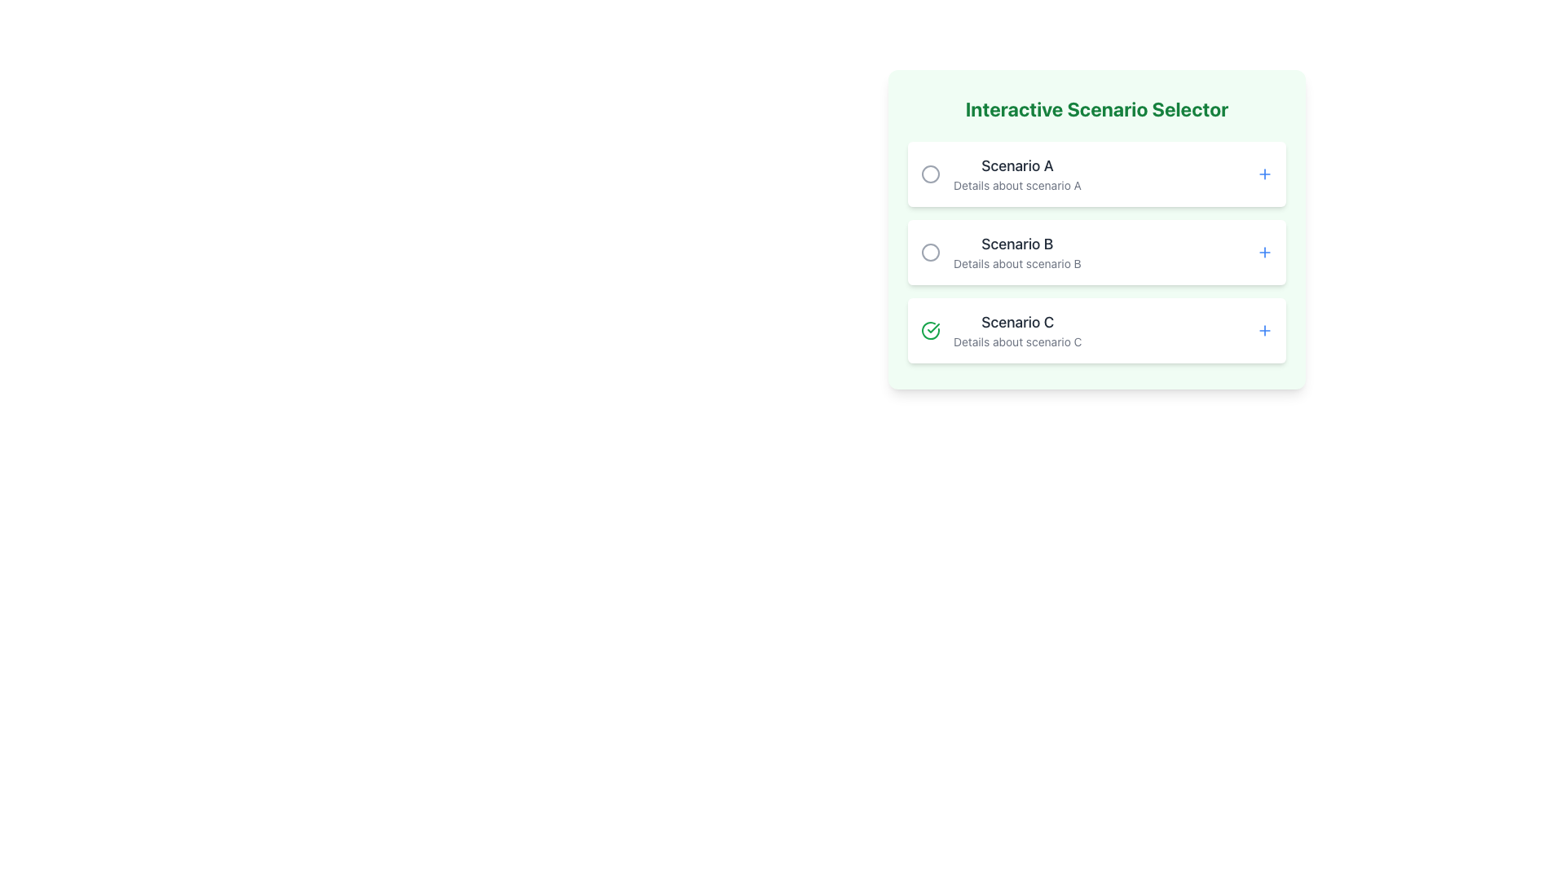 Image resolution: width=1565 pixels, height=880 pixels. I want to click on text label that says 'Details about scenario B', which is styled in a smaller font size and gray color, located below the header 'Scenario B', so click(1016, 263).